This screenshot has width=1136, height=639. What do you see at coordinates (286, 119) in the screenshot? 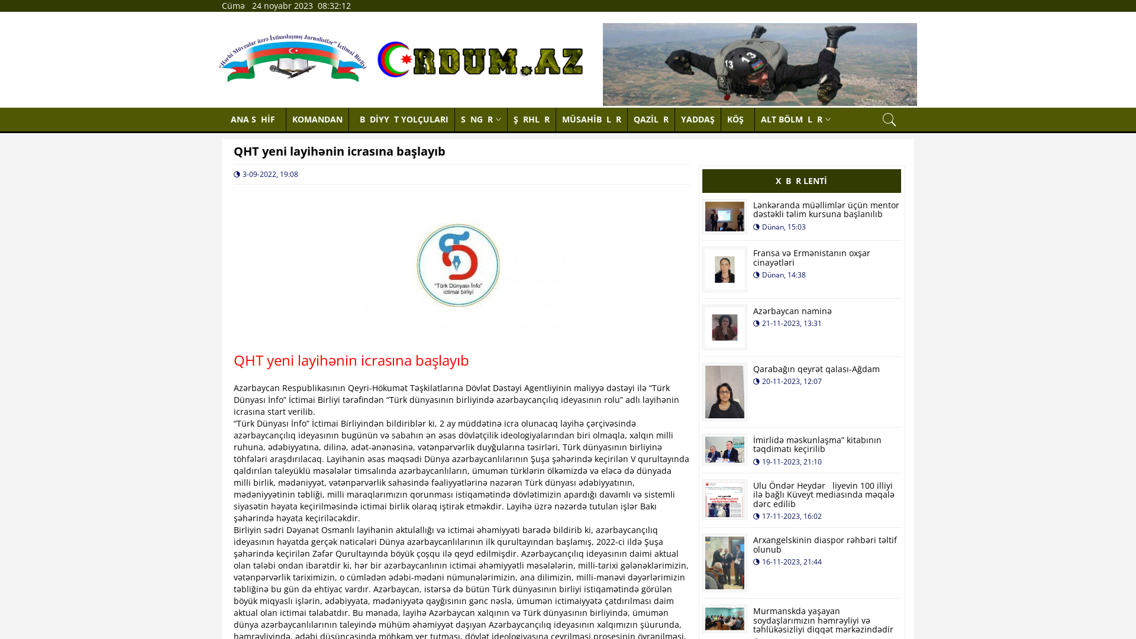
I see `'KOMANDAN'` at bounding box center [286, 119].